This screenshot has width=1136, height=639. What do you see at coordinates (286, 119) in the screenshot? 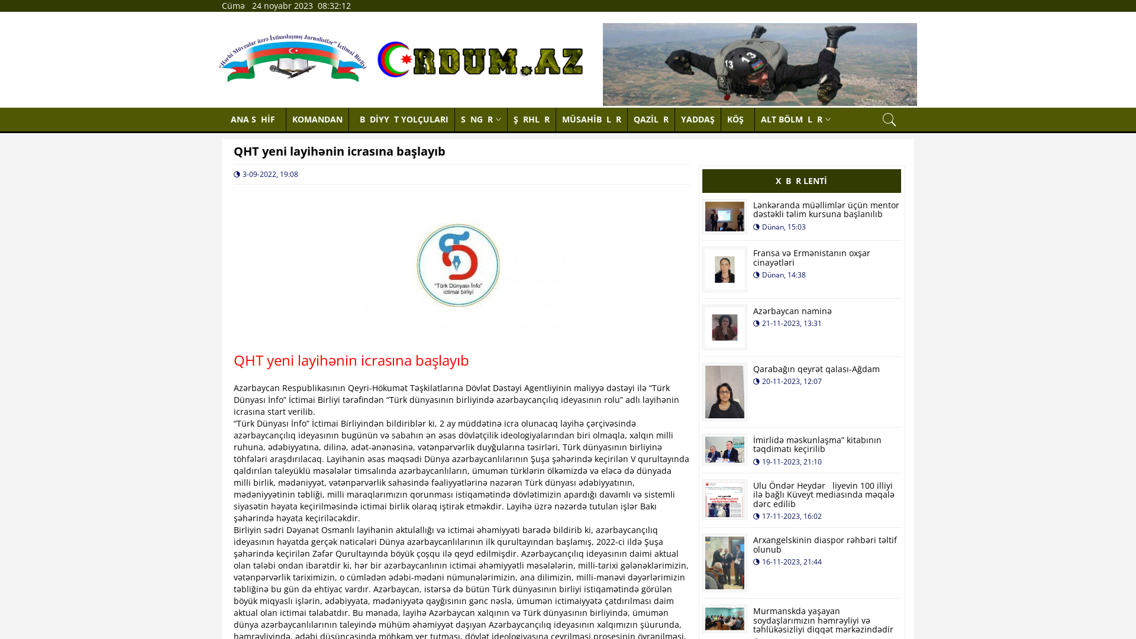
I see `'KOMANDAN'` at bounding box center [286, 119].